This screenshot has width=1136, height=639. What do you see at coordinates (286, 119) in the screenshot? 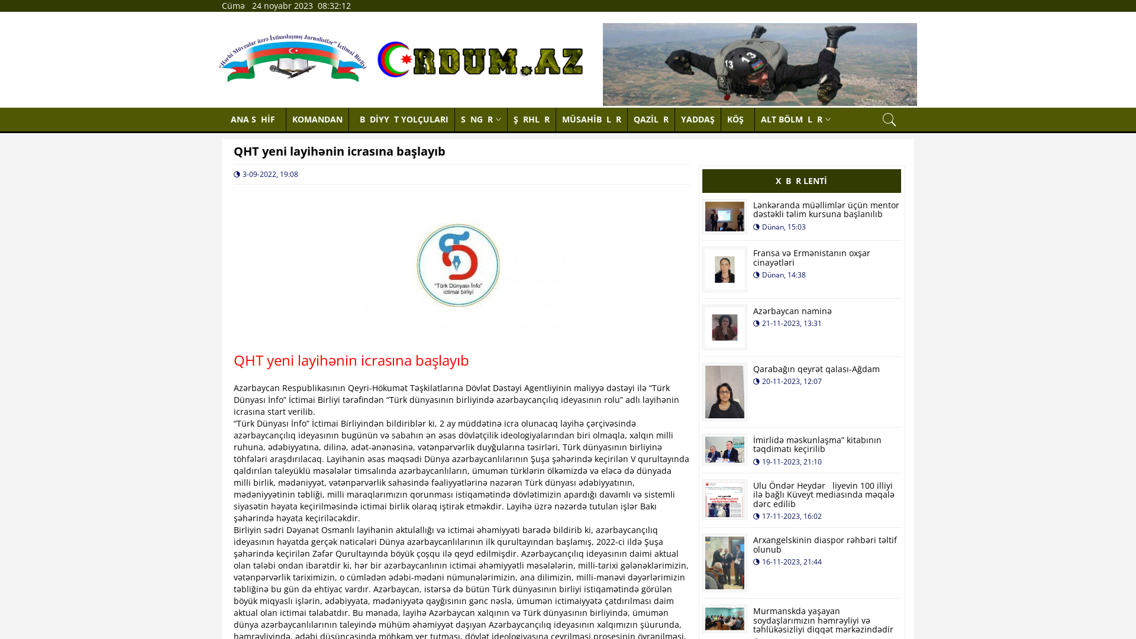
I see `'KOMANDAN'` at bounding box center [286, 119].